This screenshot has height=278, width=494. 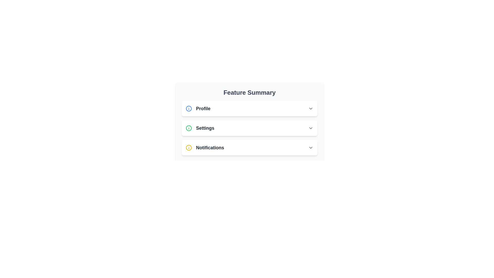 What do you see at coordinates (249, 148) in the screenshot?
I see `the third item in the vertical stack labeled 'Notifications'` at bounding box center [249, 148].